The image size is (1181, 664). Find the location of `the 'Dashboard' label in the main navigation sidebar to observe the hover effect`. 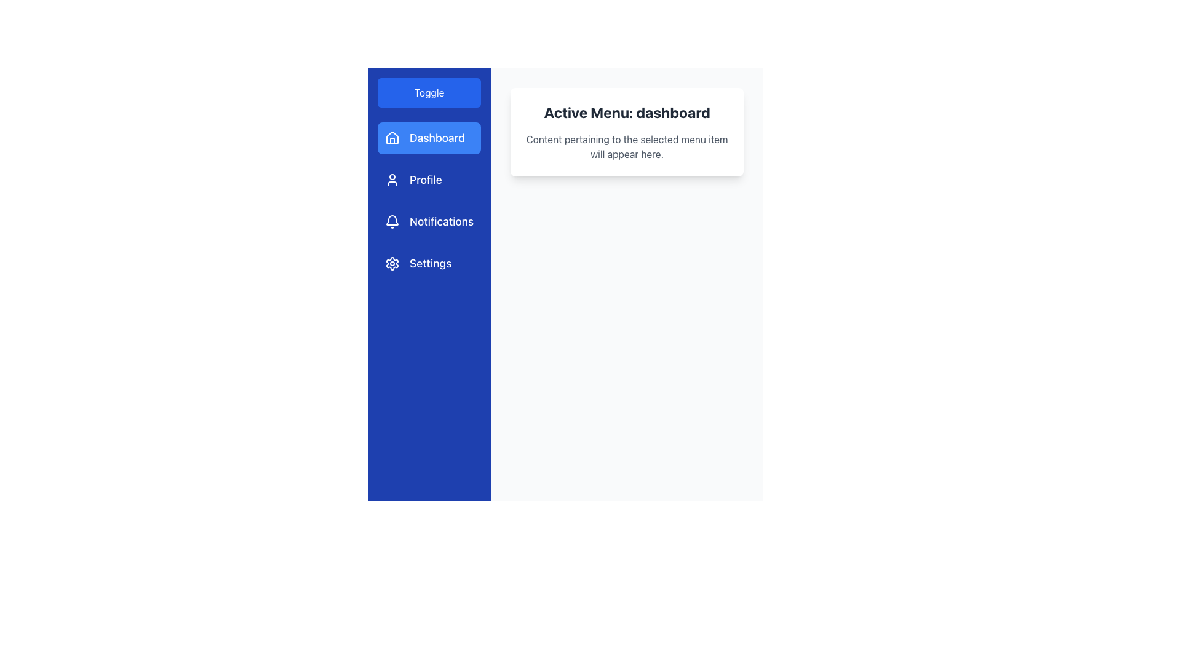

the 'Dashboard' label in the main navigation sidebar to observe the hover effect is located at coordinates (437, 138).